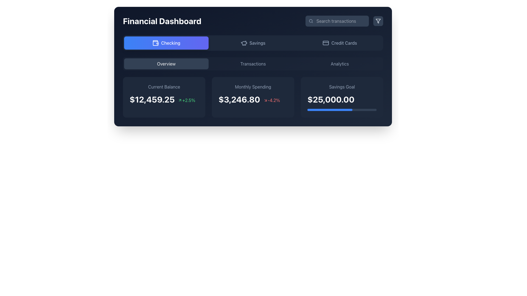 The image size is (527, 296). What do you see at coordinates (311, 21) in the screenshot?
I see `the search icon located in the left section of the search bar in the top-right corner of the interface` at bounding box center [311, 21].